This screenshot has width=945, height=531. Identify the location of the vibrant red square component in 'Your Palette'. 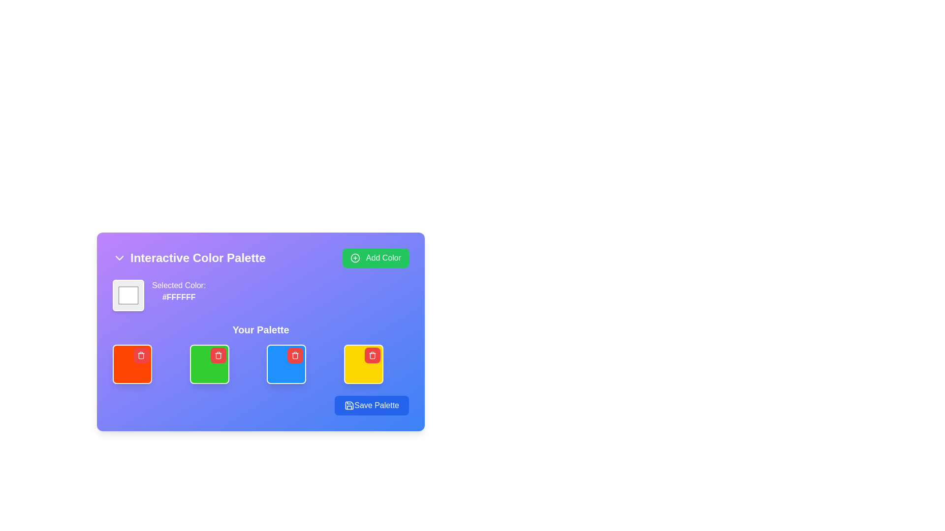
(131, 364).